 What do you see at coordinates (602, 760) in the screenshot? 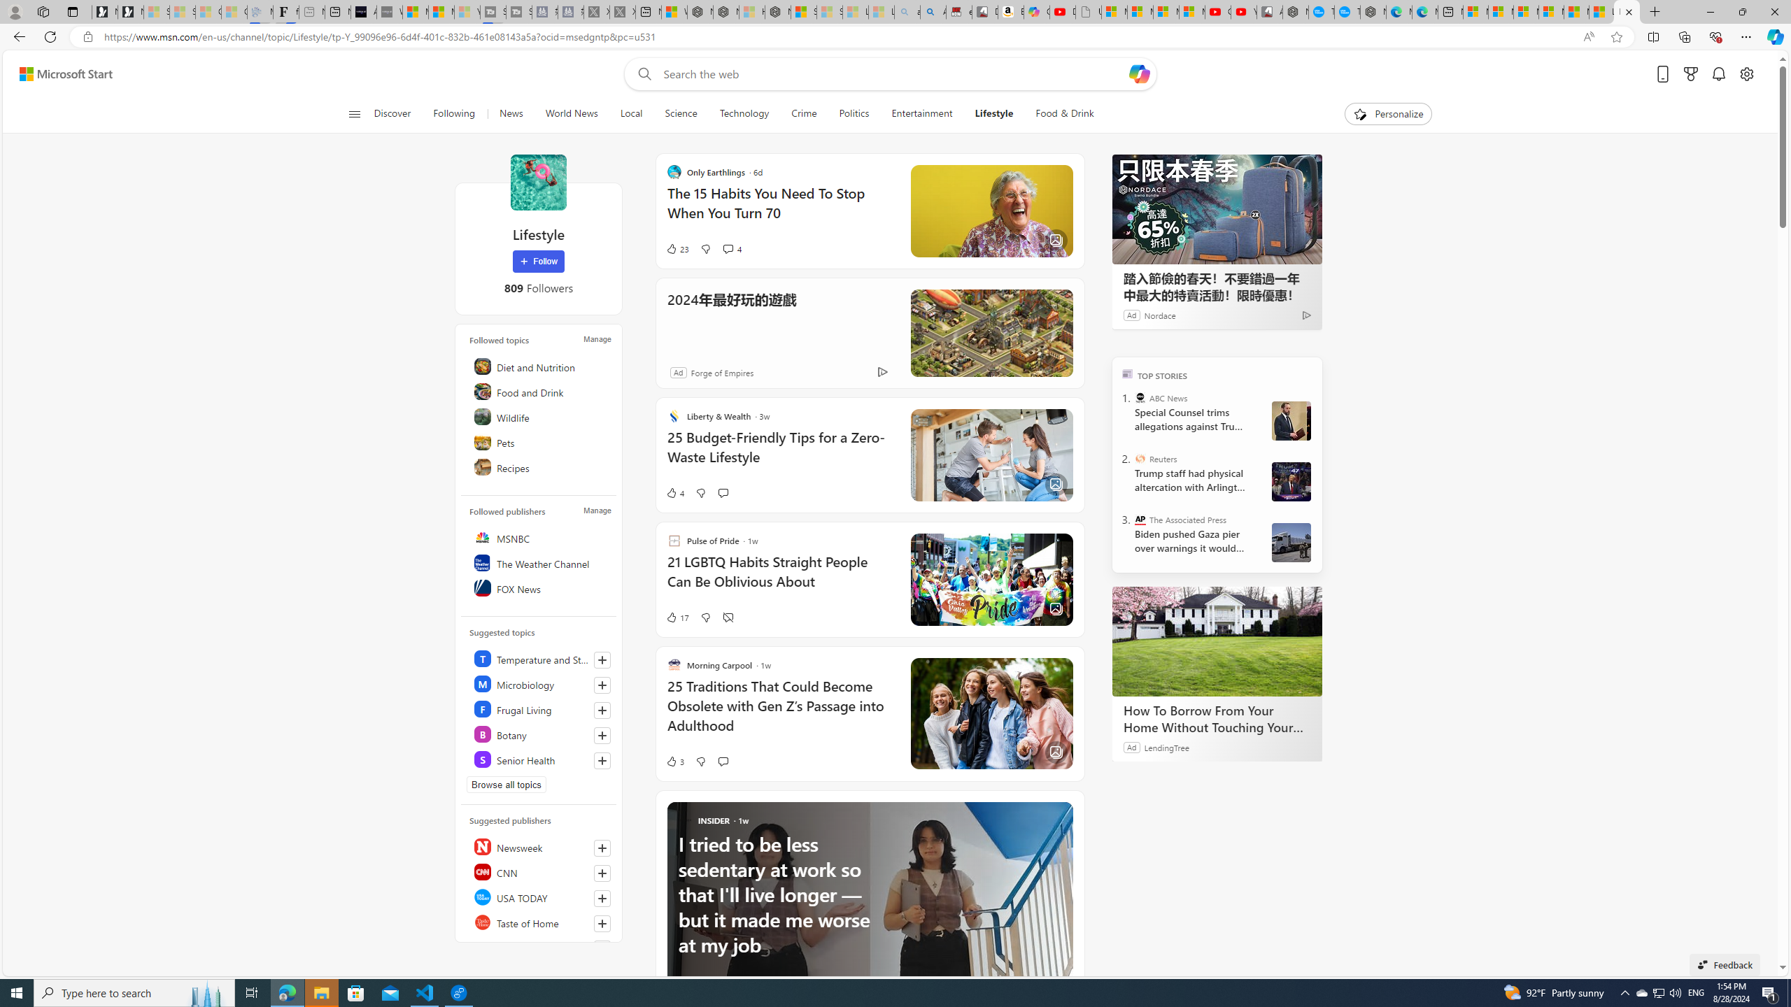
I see `'Follow this topic'` at bounding box center [602, 760].